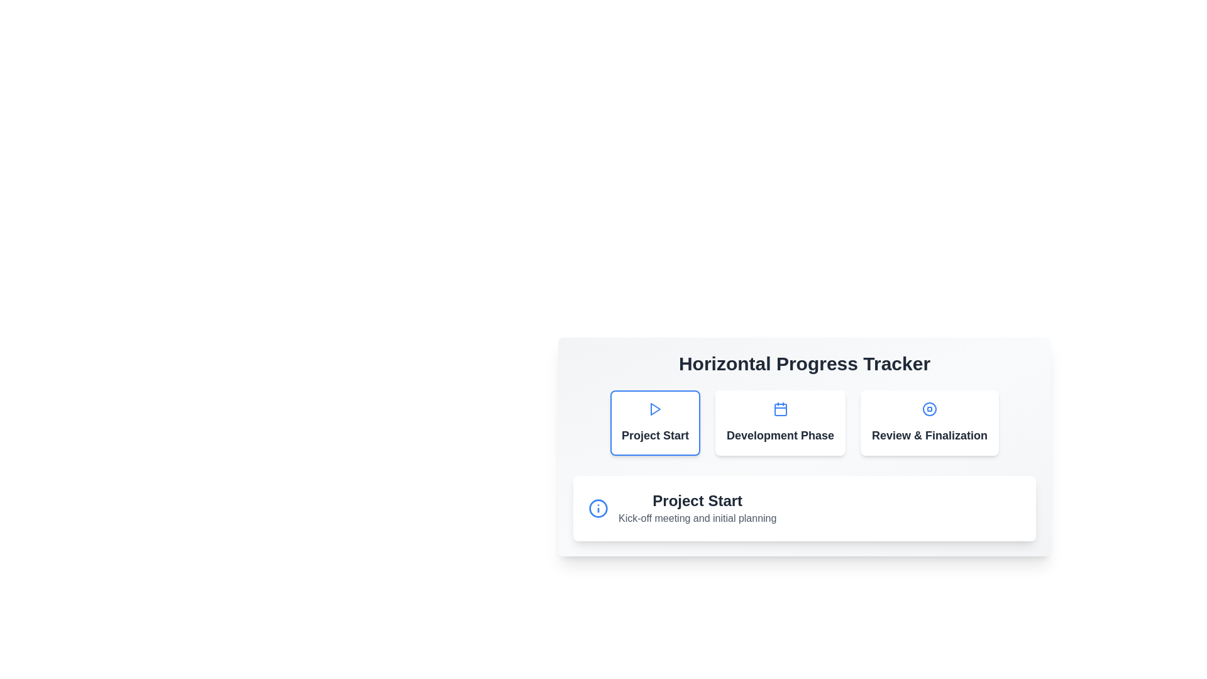 This screenshot has width=1207, height=679. I want to click on the SVG circle that signifies the review or stop functionality in the 'Review & Finalization' stage of the tracker, so click(929, 409).